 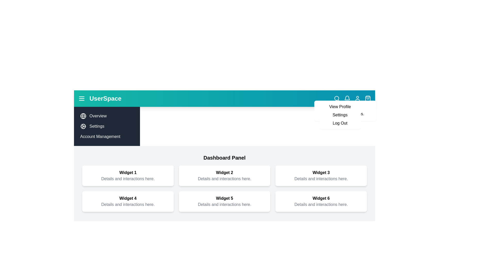 What do you see at coordinates (321, 175) in the screenshot?
I see `the third card in the top row of the three-column grid layout that provides information about 'Widget 3'` at bounding box center [321, 175].